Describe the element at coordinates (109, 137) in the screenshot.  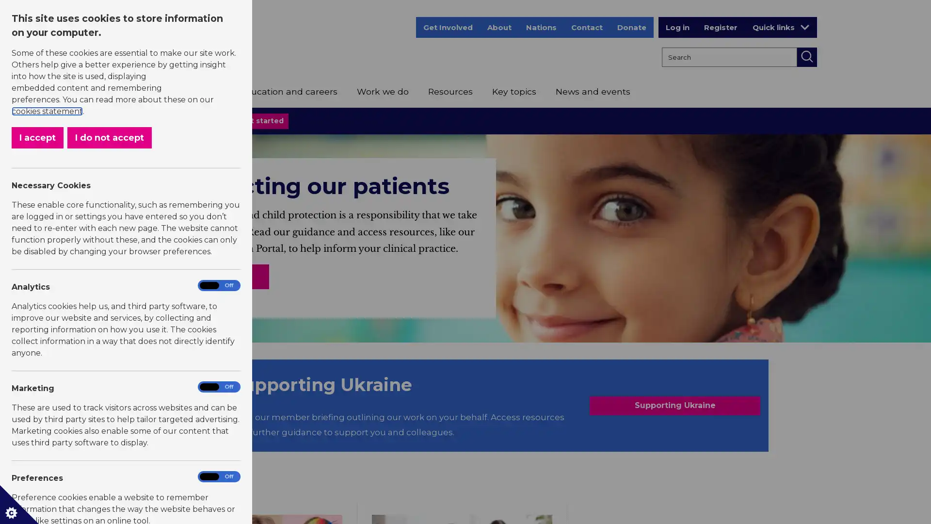
I see `I do not accept` at that location.